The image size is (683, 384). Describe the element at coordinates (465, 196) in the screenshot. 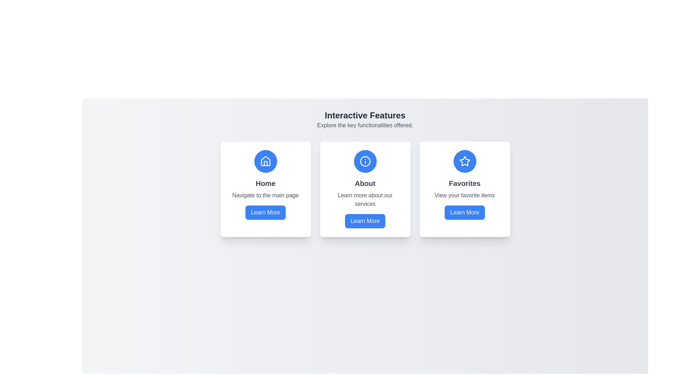

I see `the text element that reads 'View your favorite items.' which is styled in gray color, centered alignment, and located beneath the 'Favorites' heading in the third card` at that location.